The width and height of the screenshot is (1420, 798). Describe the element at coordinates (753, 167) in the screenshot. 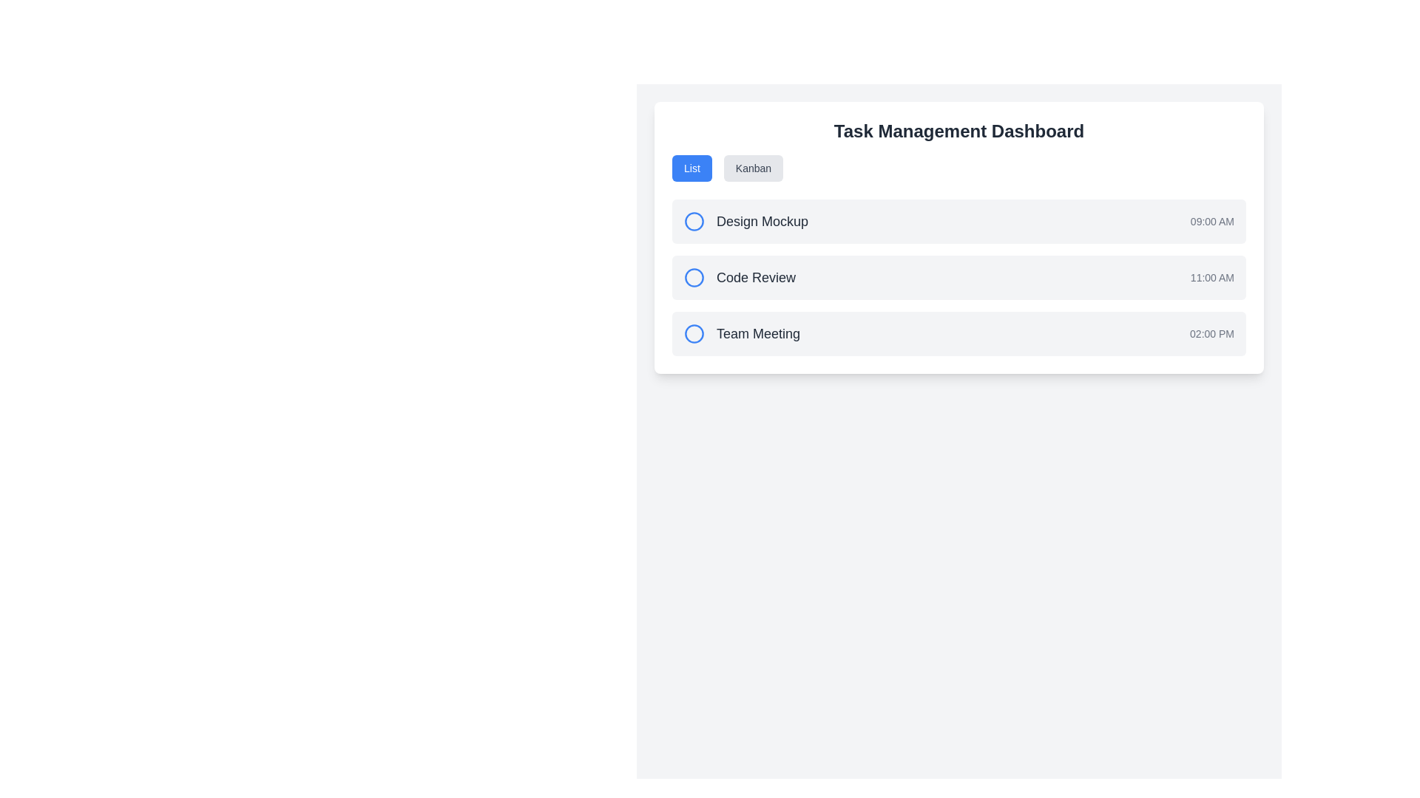

I see `the 'Kanban' button, which is a rectangular button with rounded corners and a light gray background, located to the right of the 'List' button on the task management dashboard, to switch to Kanban view` at that location.